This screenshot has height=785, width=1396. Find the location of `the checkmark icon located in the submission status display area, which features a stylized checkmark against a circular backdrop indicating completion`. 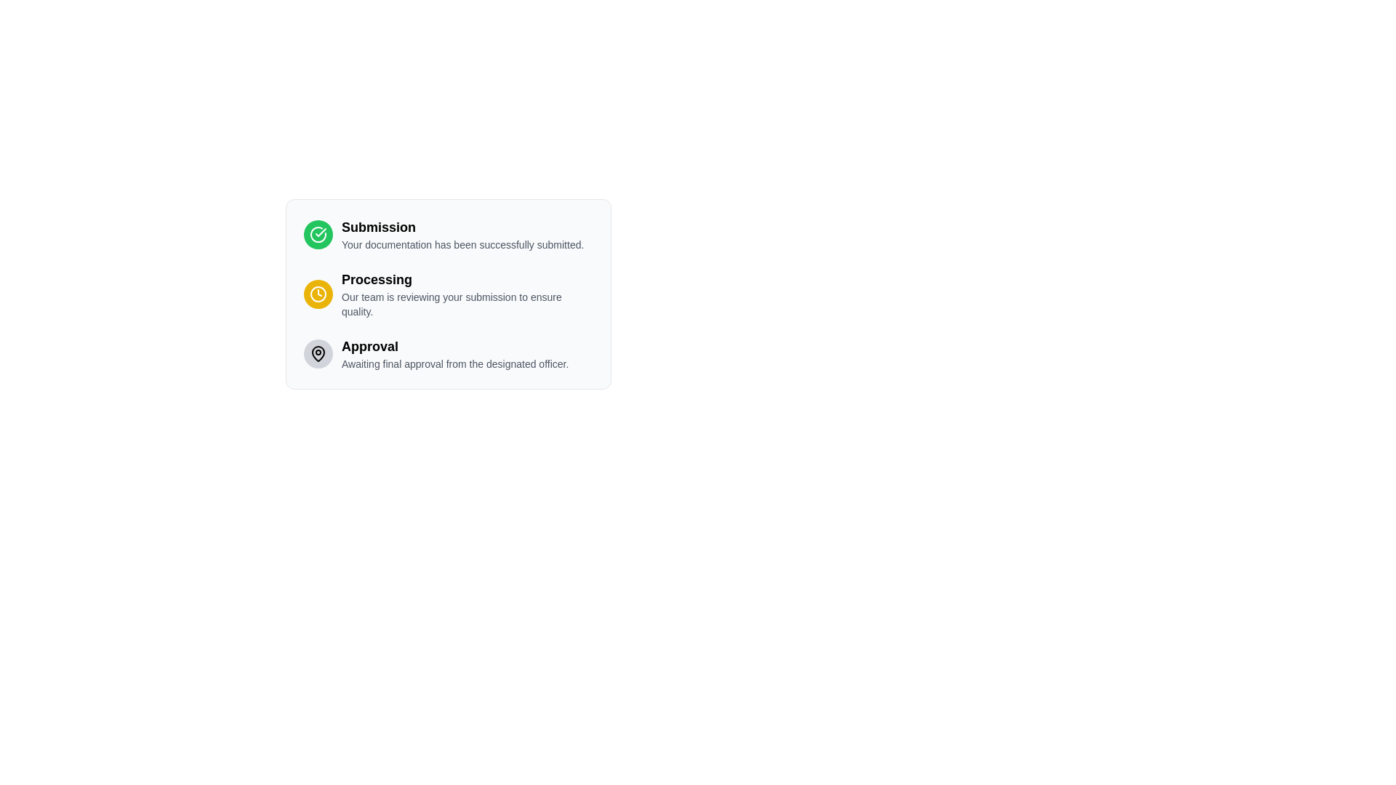

the checkmark icon located in the submission status display area, which features a stylized checkmark against a circular backdrop indicating completion is located at coordinates (320, 232).